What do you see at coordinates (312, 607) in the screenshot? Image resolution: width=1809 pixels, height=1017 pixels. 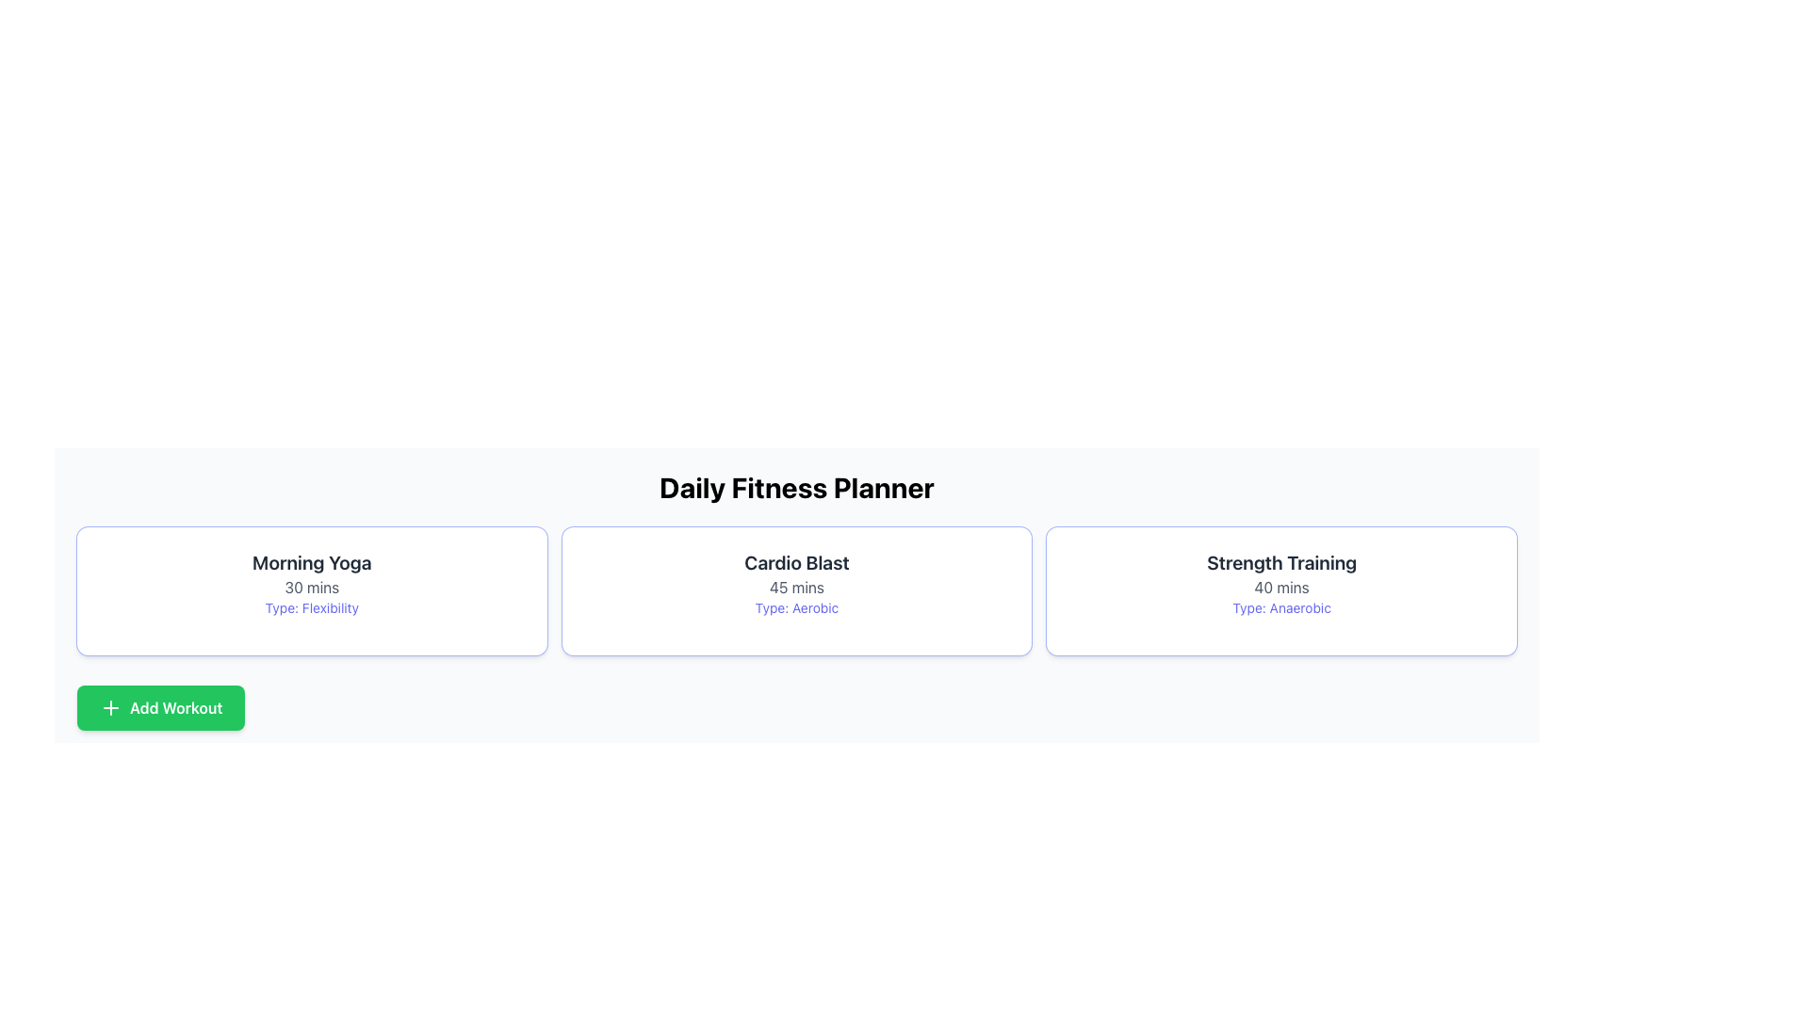 I see `information conveyed by the 'Flexibility' Text Label located at the center of the card labeled 'Morning Yoga', positioned beneath the activity duration text '30 mins'` at bounding box center [312, 607].